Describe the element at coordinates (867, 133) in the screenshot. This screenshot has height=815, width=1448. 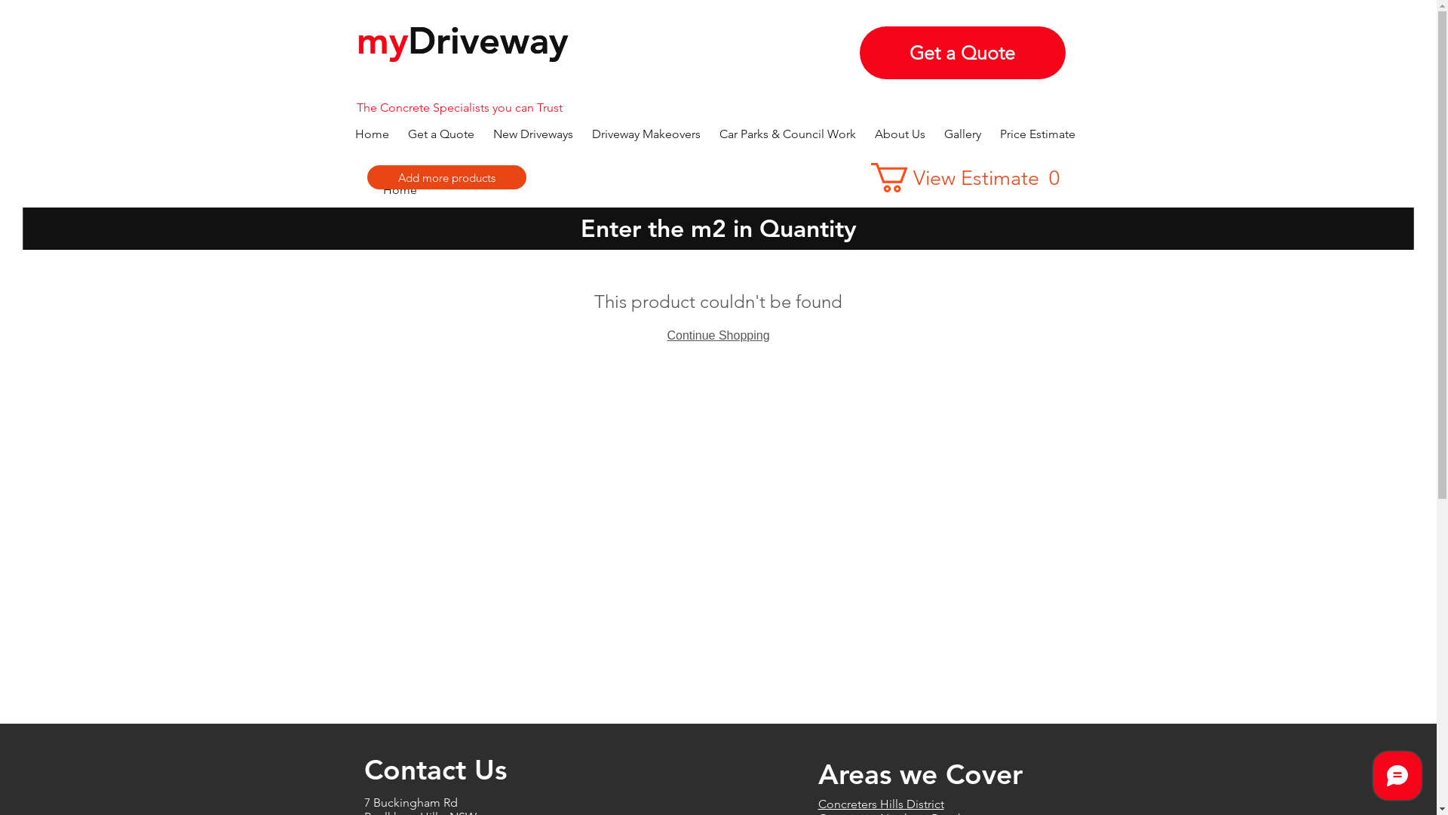
I see `'About Us'` at that location.